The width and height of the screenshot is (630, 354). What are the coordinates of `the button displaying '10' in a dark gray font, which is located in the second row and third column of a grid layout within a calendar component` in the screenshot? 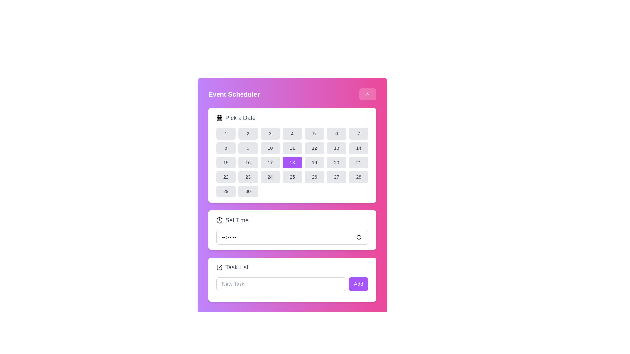 It's located at (270, 148).